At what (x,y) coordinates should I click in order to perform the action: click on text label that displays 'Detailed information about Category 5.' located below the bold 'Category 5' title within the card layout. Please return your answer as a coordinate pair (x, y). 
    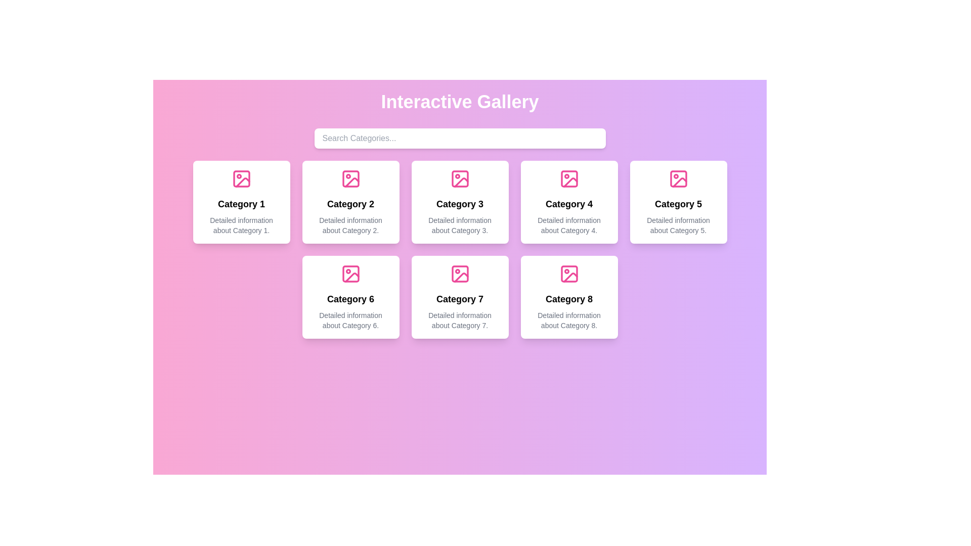
    Looking at the image, I should click on (678, 225).